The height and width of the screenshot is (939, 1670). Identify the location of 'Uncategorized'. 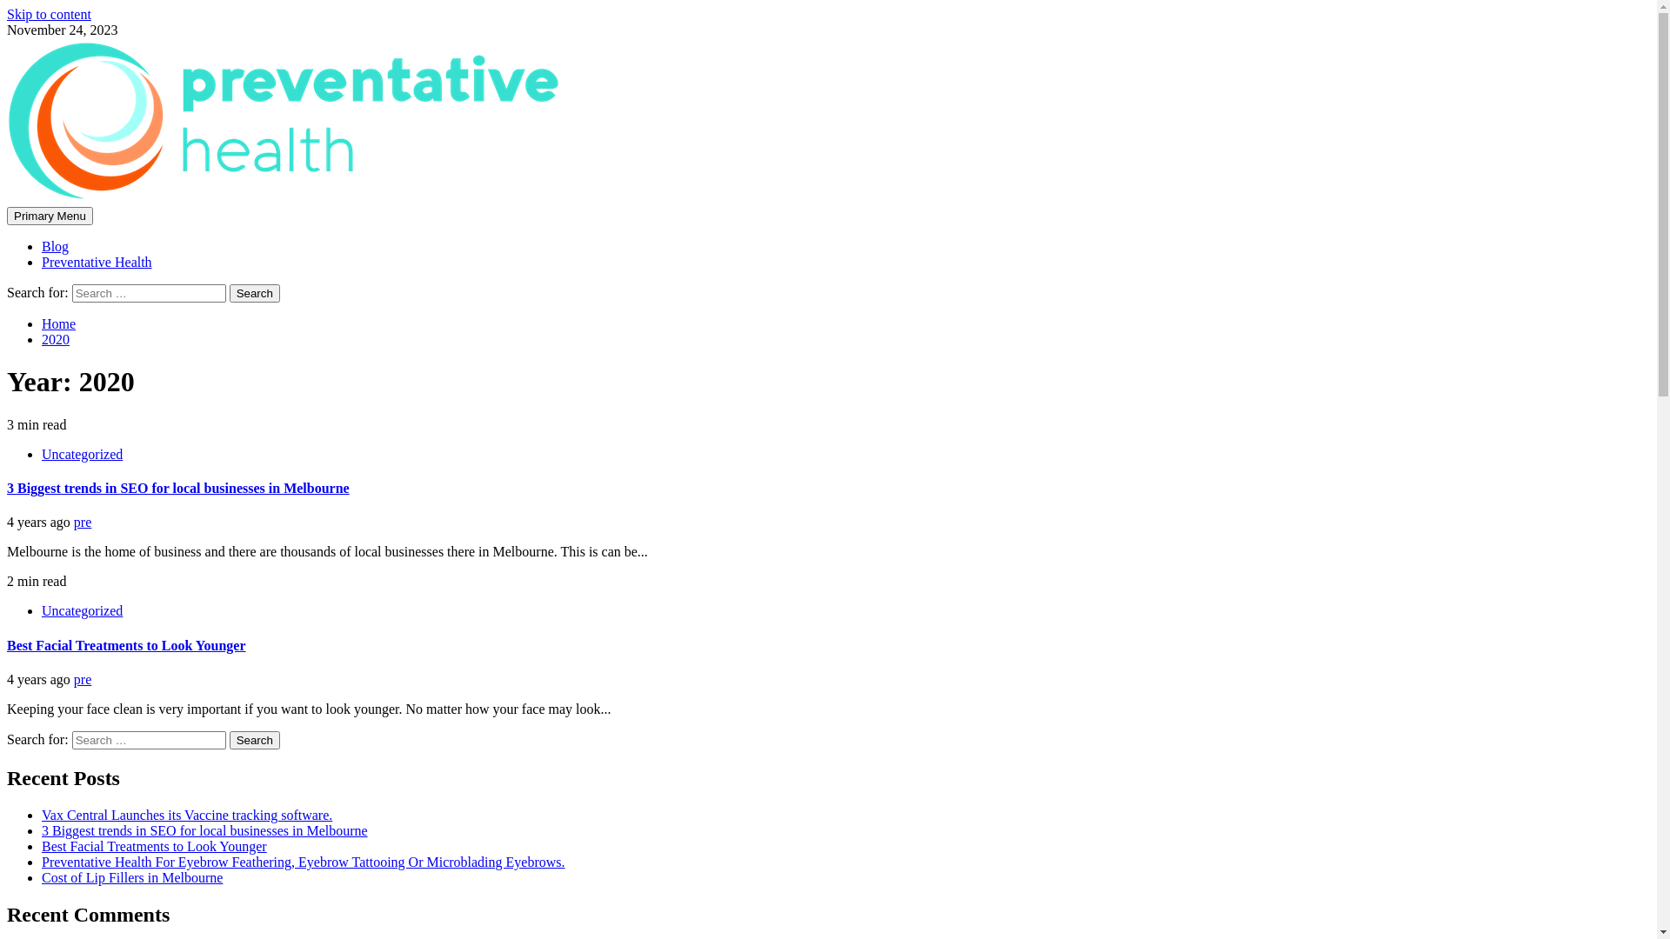
(81, 453).